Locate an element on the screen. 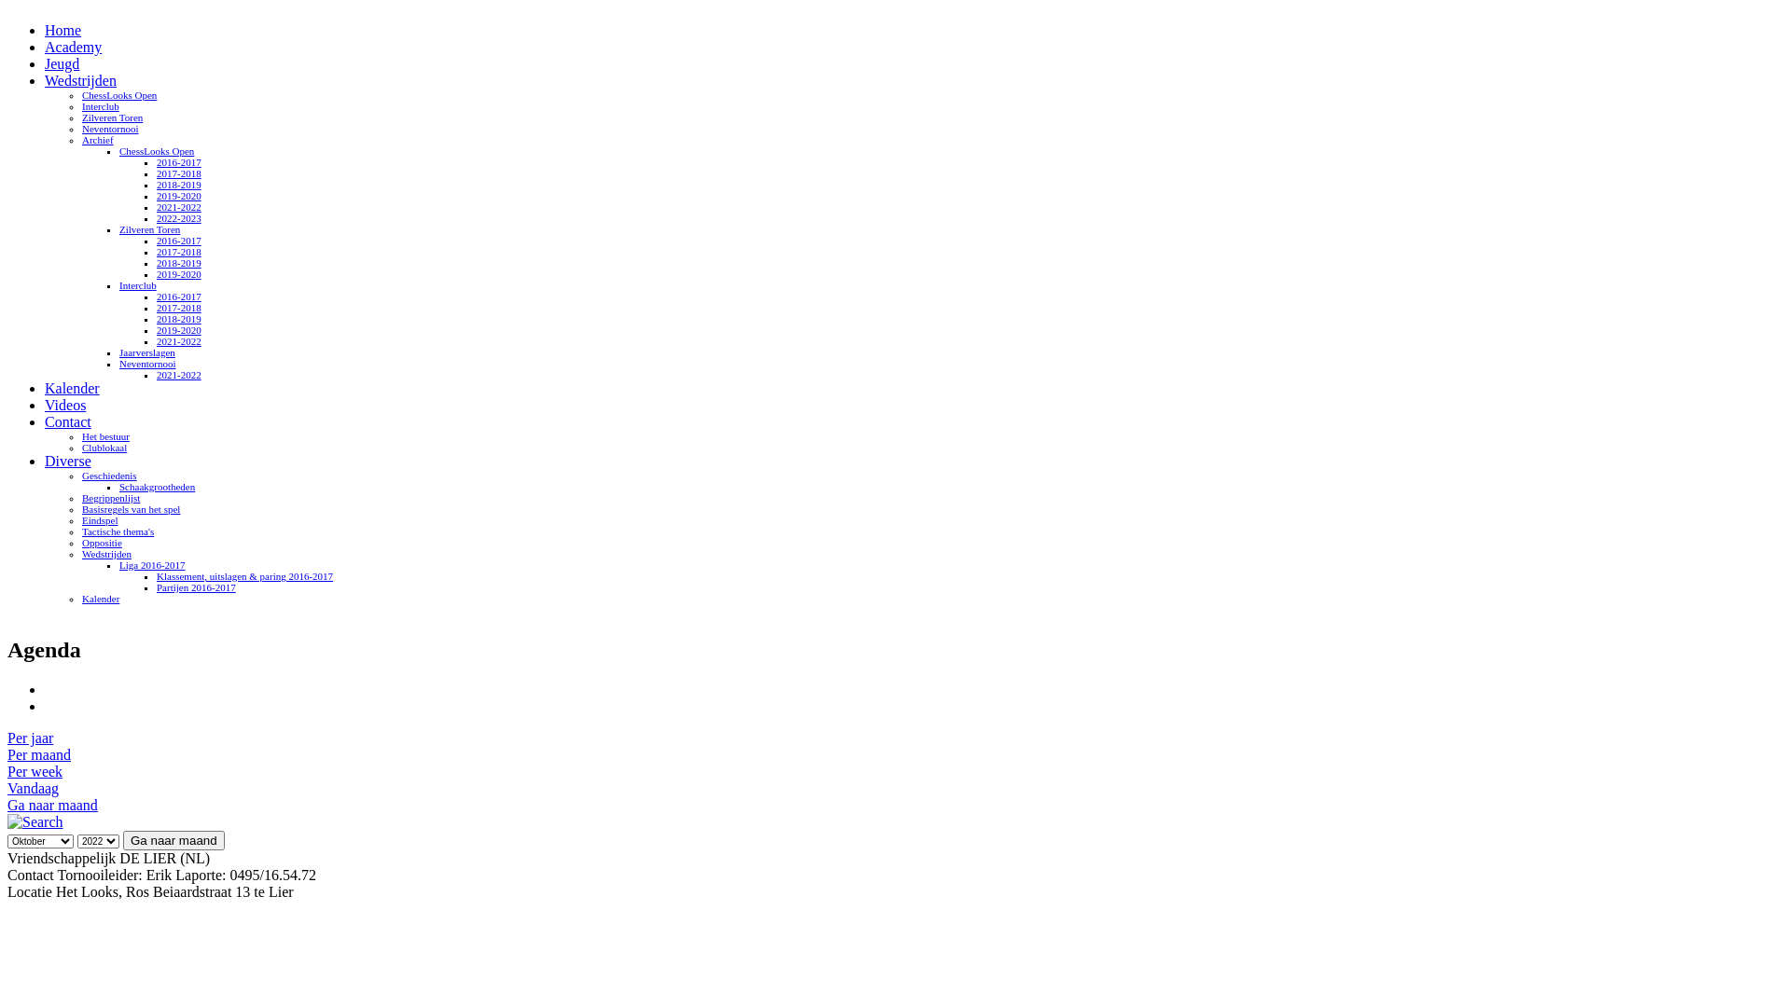 Image resolution: width=1791 pixels, height=1007 pixels. 'Interclub' is located at coordinates (137, 284).